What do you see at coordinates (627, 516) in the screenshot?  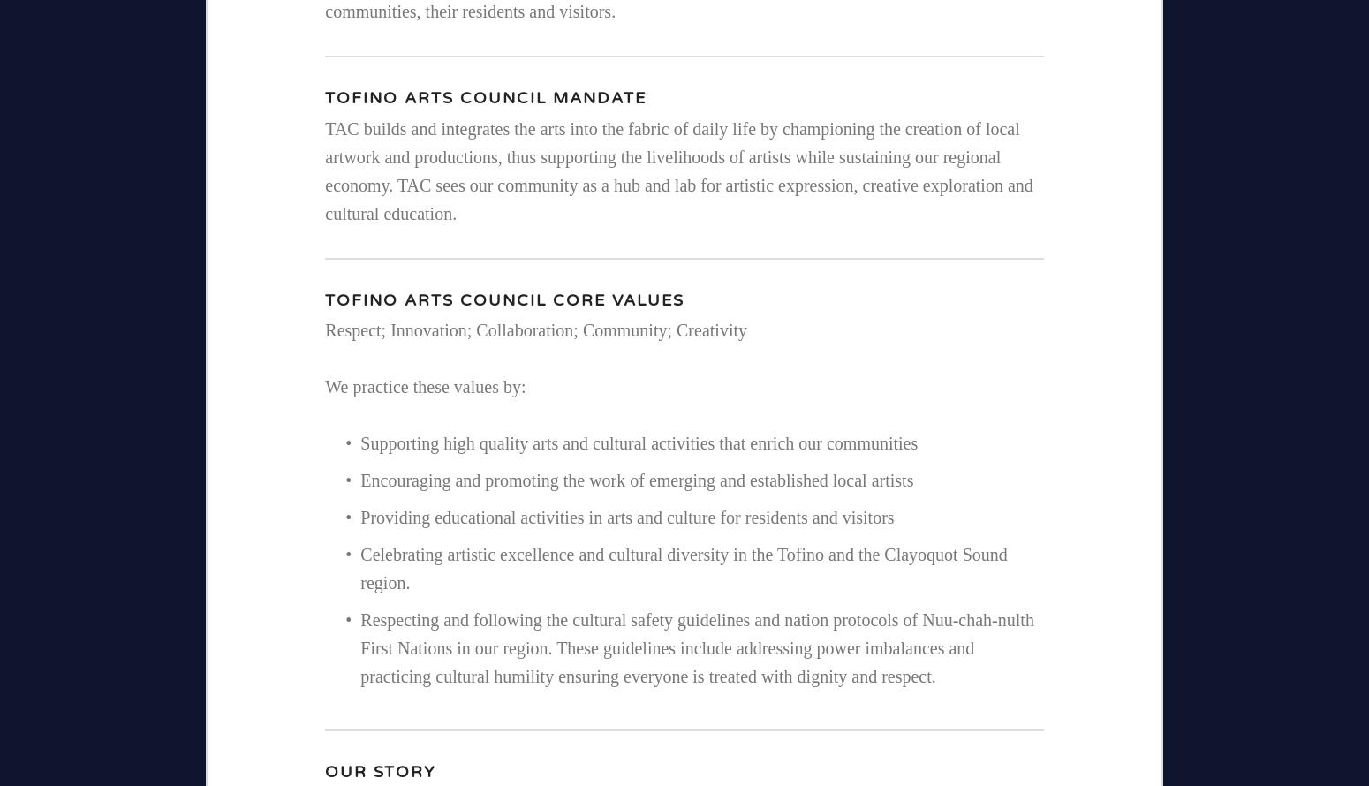 I see `'Providing educational activities in arts and culture for residents and visitors'` at bounding box center [627, 516].